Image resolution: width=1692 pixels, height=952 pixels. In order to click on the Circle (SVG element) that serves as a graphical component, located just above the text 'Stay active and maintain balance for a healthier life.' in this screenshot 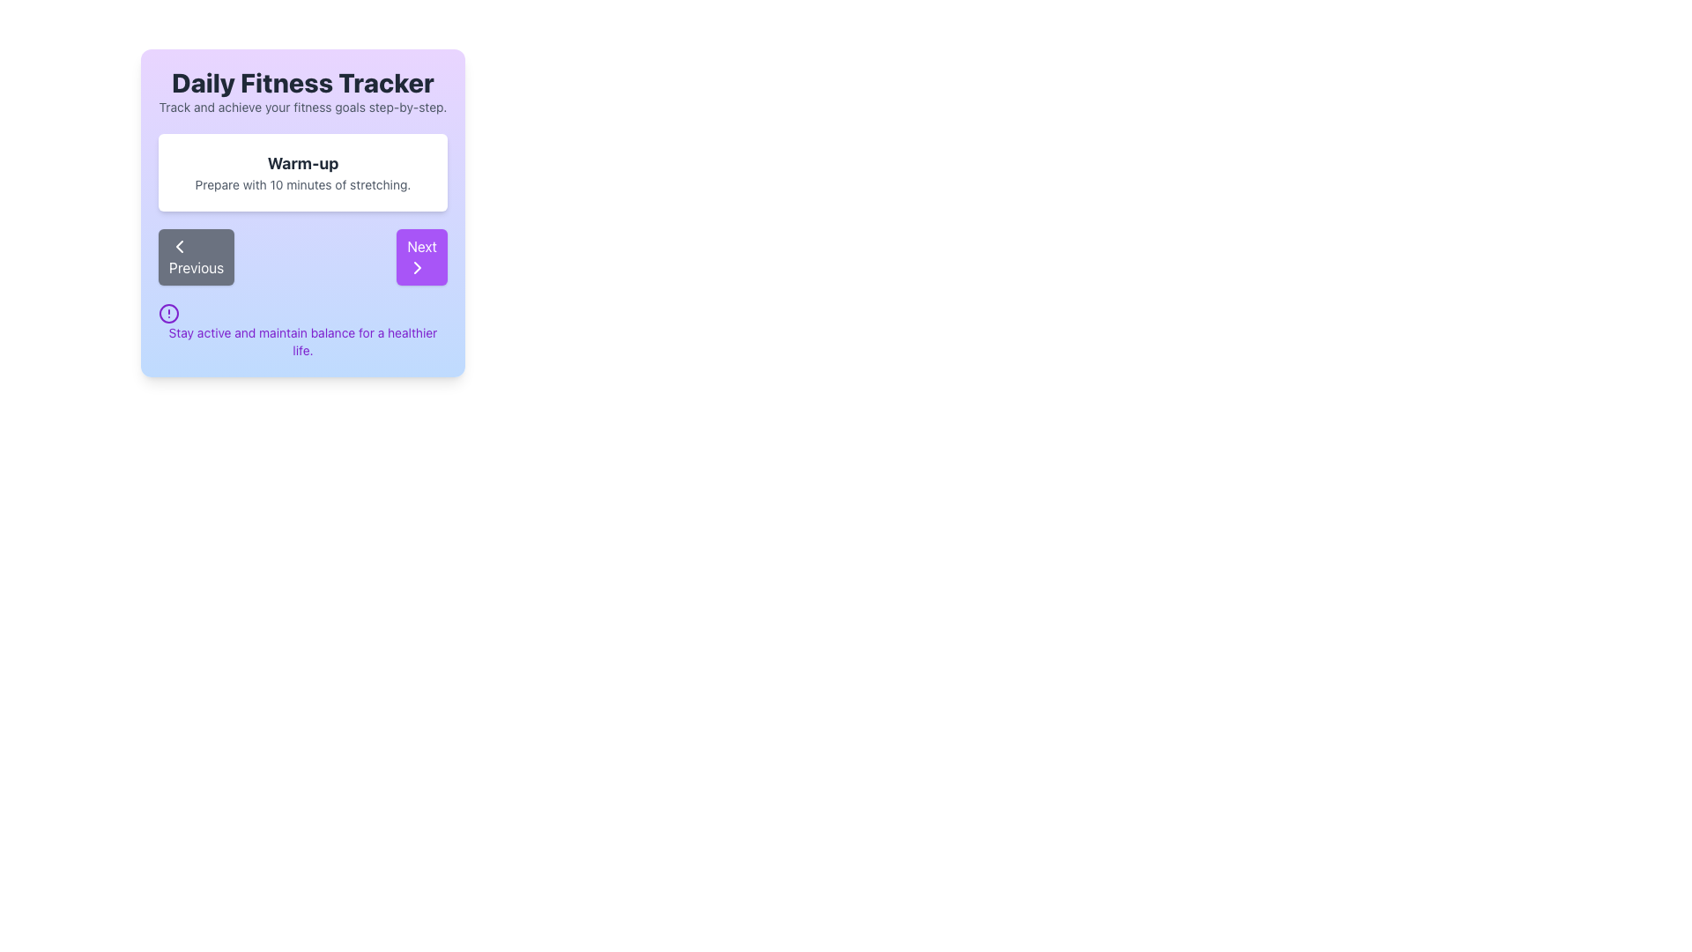, I will do `click(169, 312)`.